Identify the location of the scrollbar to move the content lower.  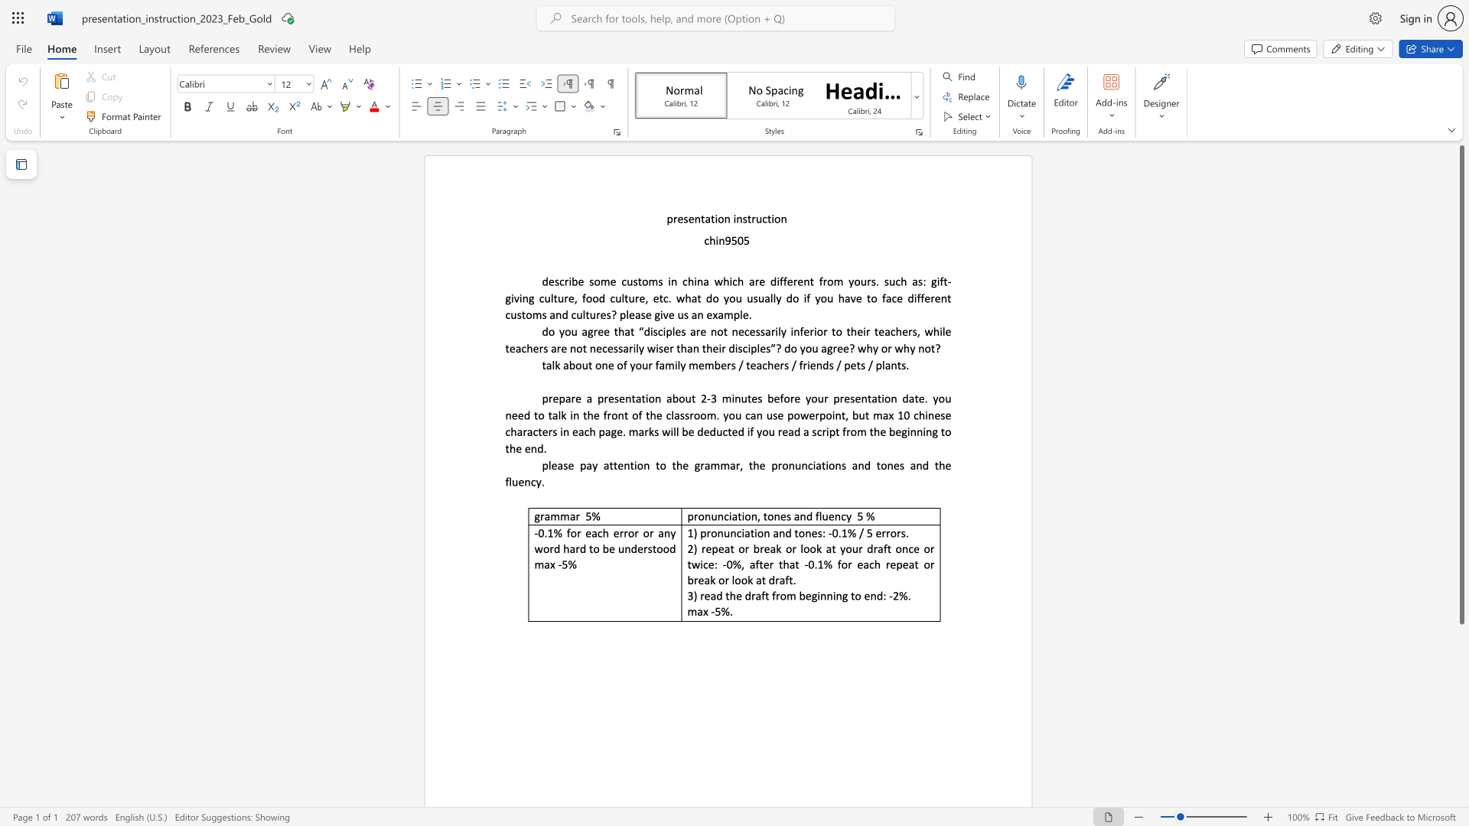
(1461, 772).